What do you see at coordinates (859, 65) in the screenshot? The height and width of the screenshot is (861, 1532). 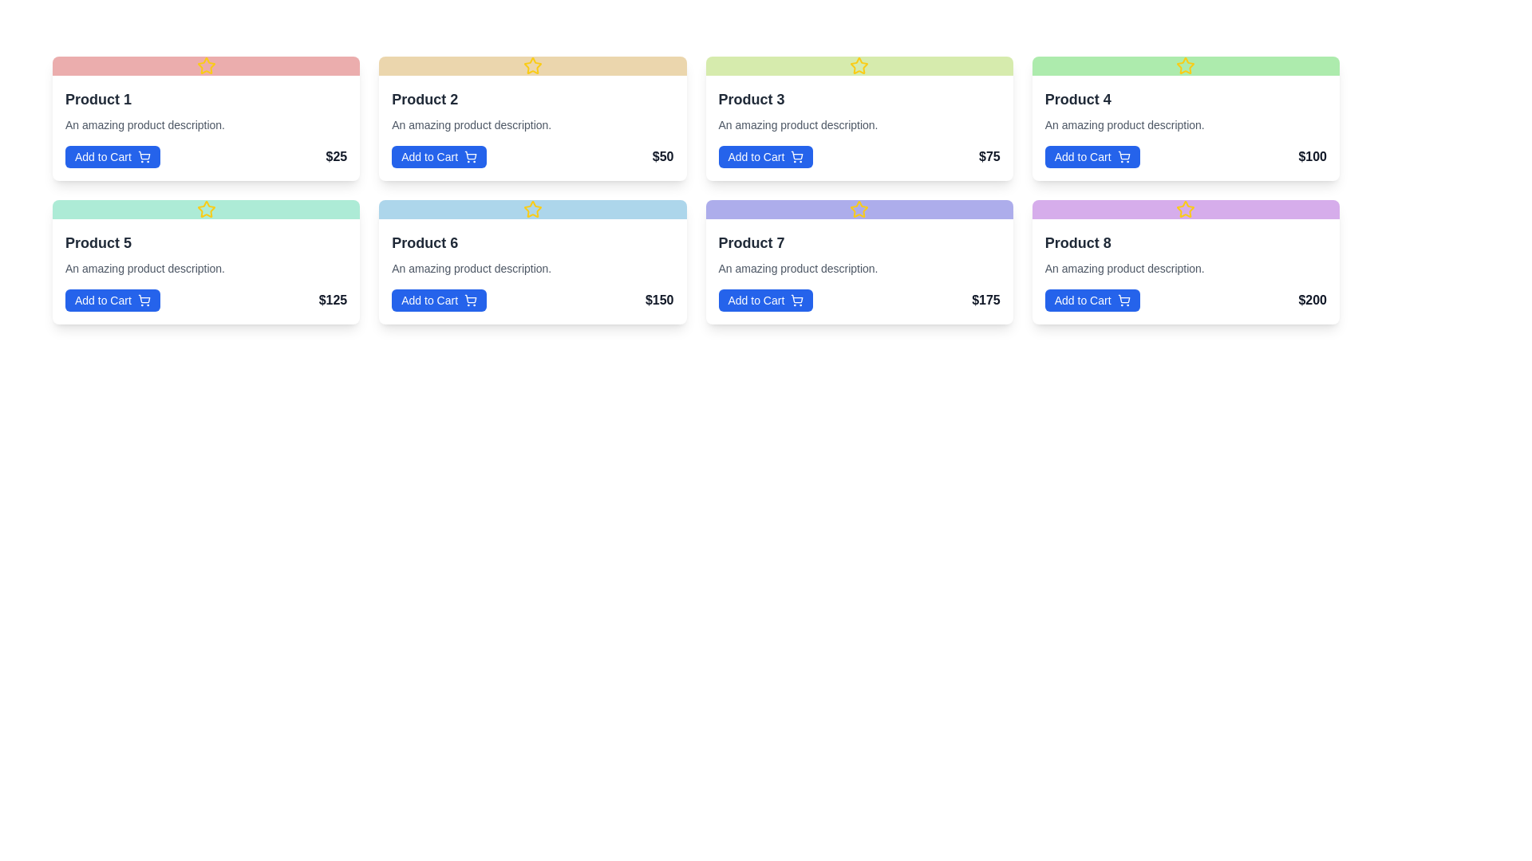 I see `the star icon indicating popularity for 'Product 3' located at the top-center of its card` at bounding box center [859, 65].